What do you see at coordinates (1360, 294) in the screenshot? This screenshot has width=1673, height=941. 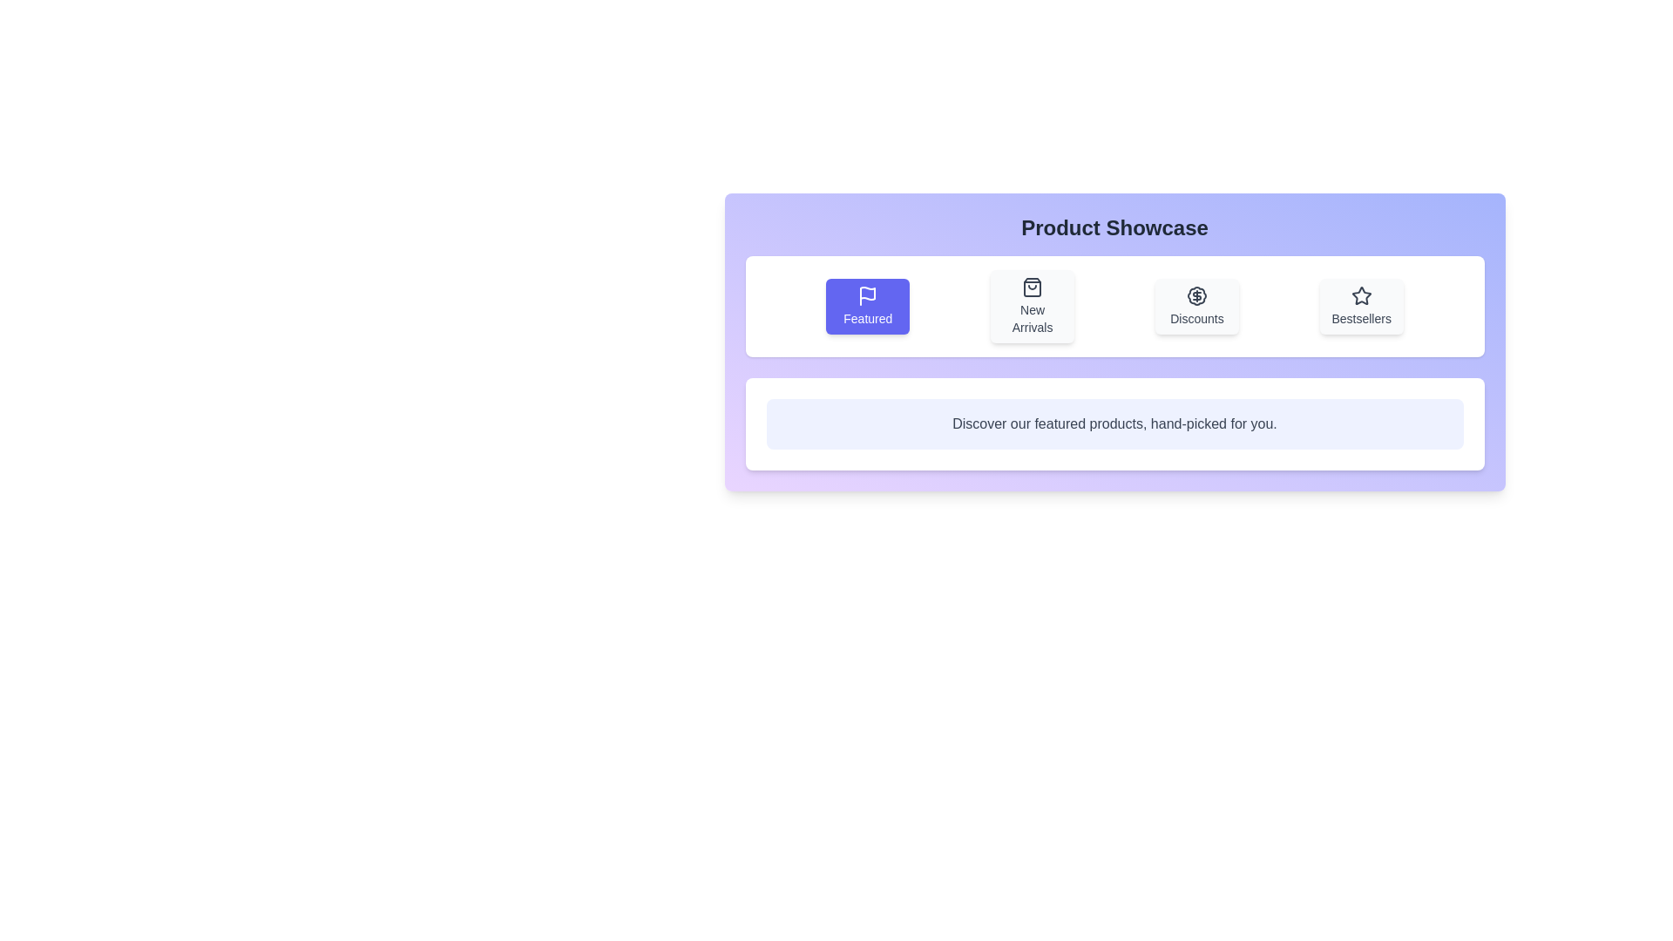 I see `the star icon representing the 'Bestsellers' category in the top horizontal menu, located in the fourth position` at bounding box center [1360, 294].